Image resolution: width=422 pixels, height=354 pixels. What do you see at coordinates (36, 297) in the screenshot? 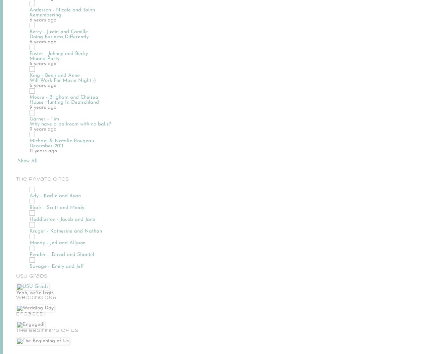
I see `'Wedding Day'` at bounding box center [36, 297].